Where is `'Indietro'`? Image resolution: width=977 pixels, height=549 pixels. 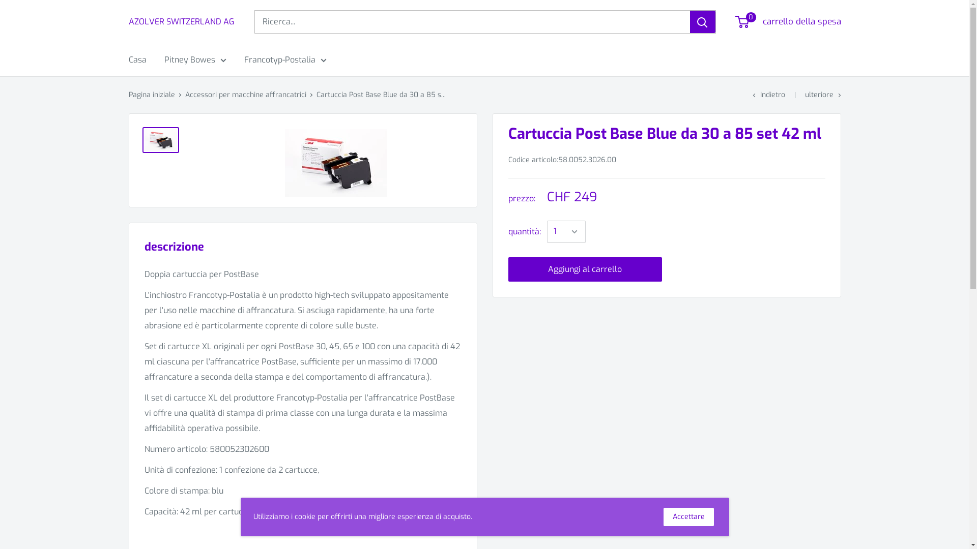 'Indietro' is located at coordinates (768, 95).